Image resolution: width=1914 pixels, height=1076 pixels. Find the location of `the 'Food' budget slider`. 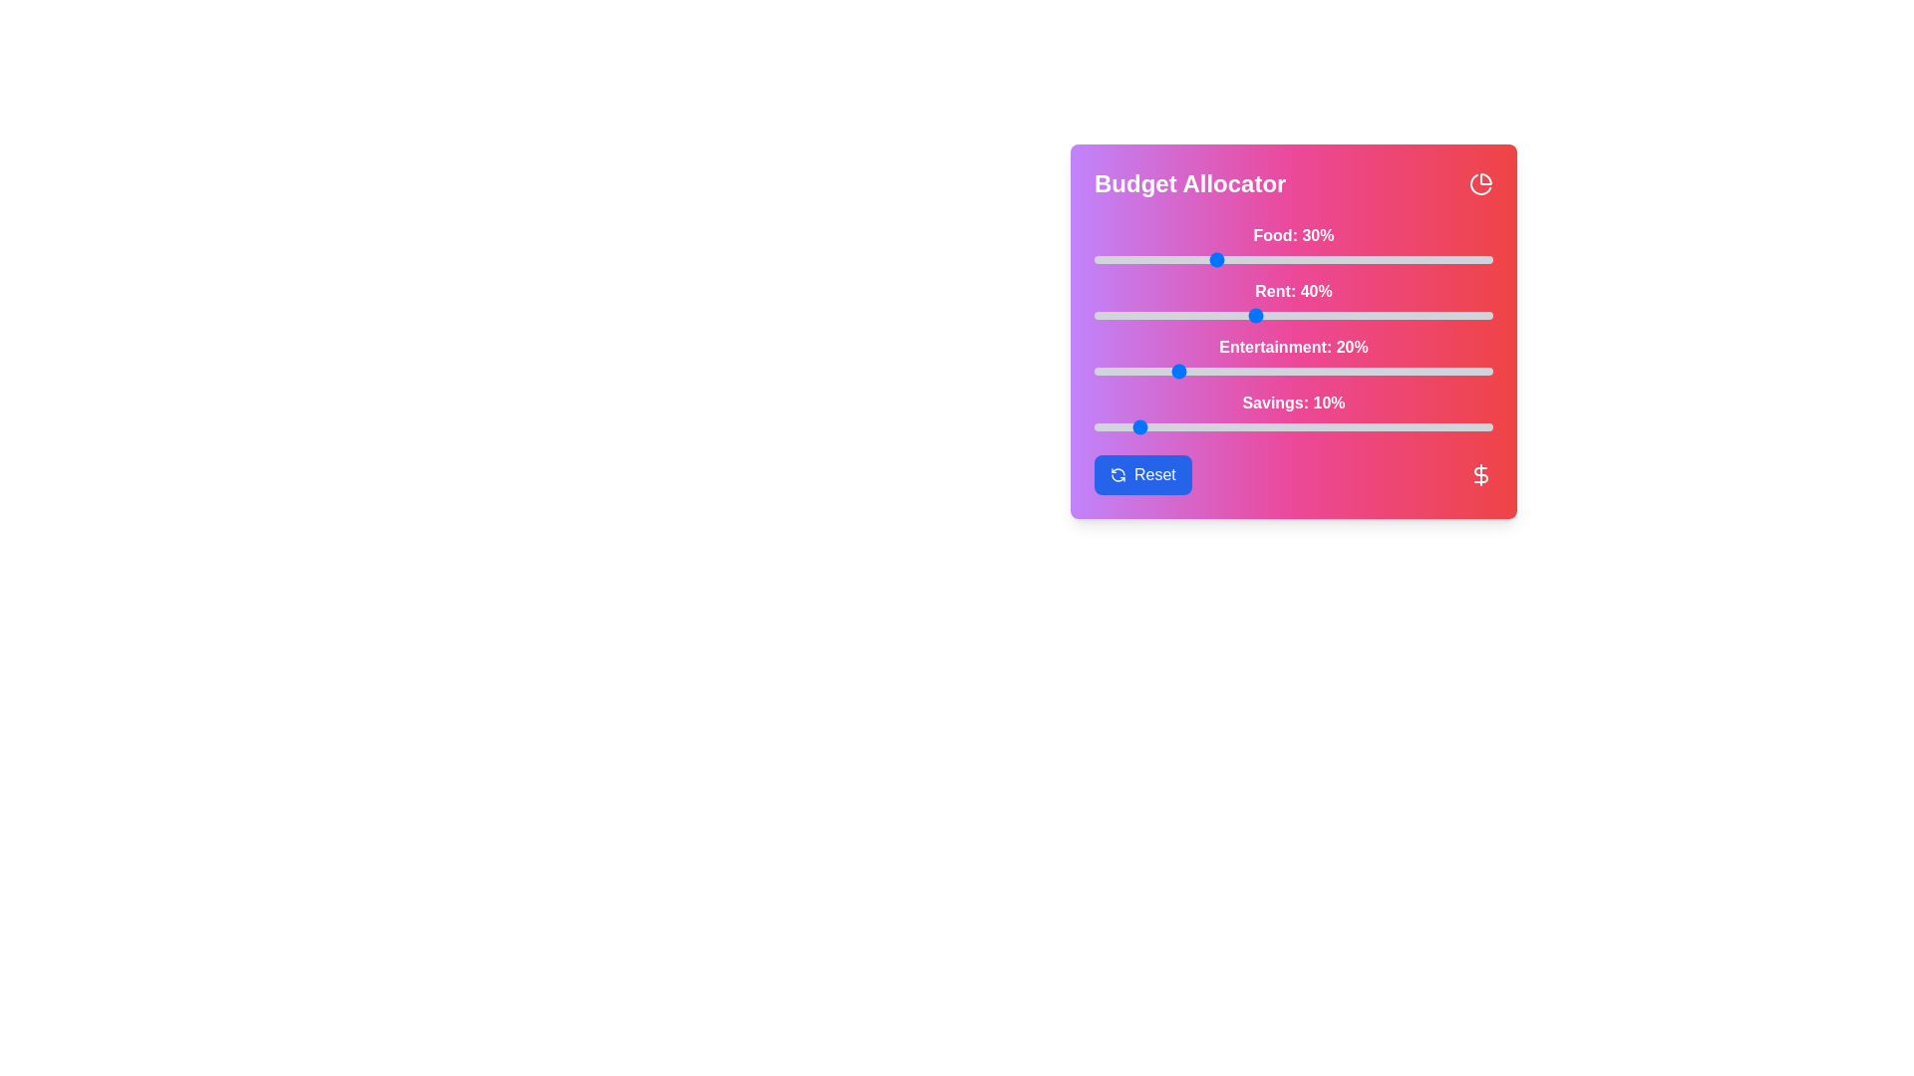

the 'Food' budget slider is located at coordinates (1149, 259).